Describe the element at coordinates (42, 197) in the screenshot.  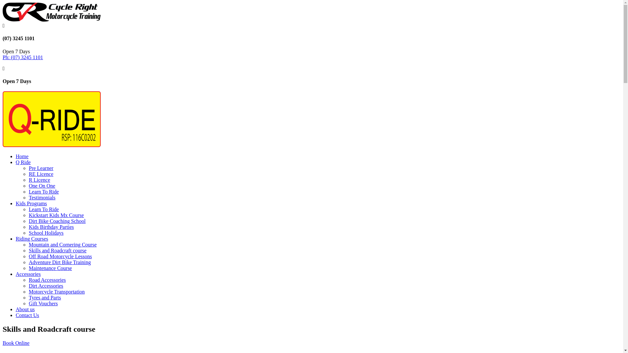
I see `'Testimonials'` at that location.